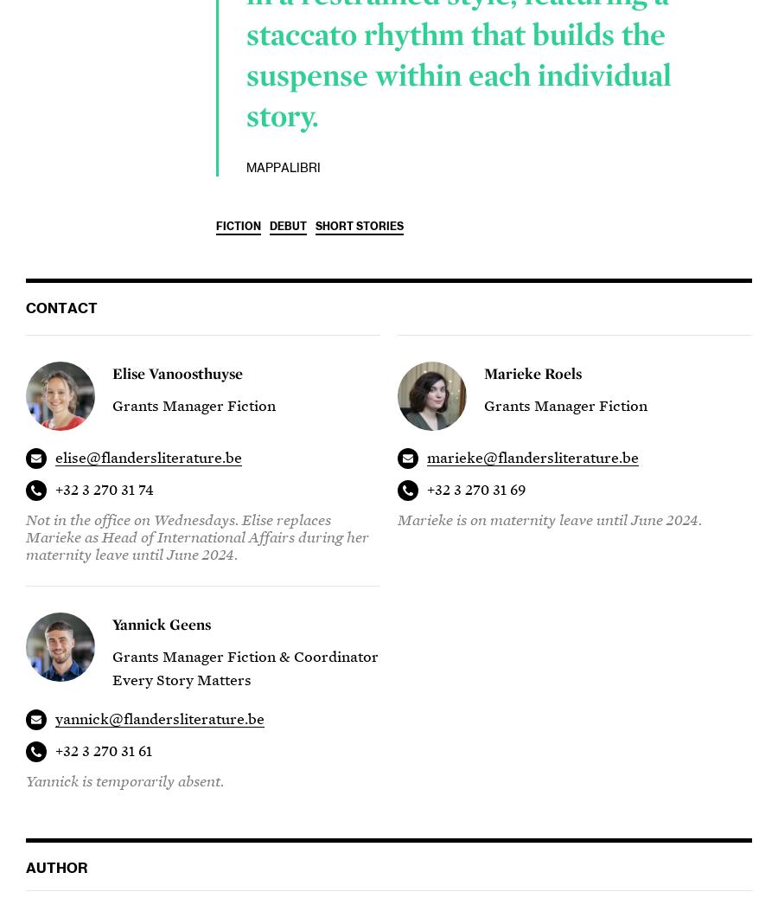 This screenshot has width=778, height=911. What do you see at coordinates (124, 781) in the screenshot?
I see `'Yannick is temporarily absent.'` at bounding box center [124, 781].